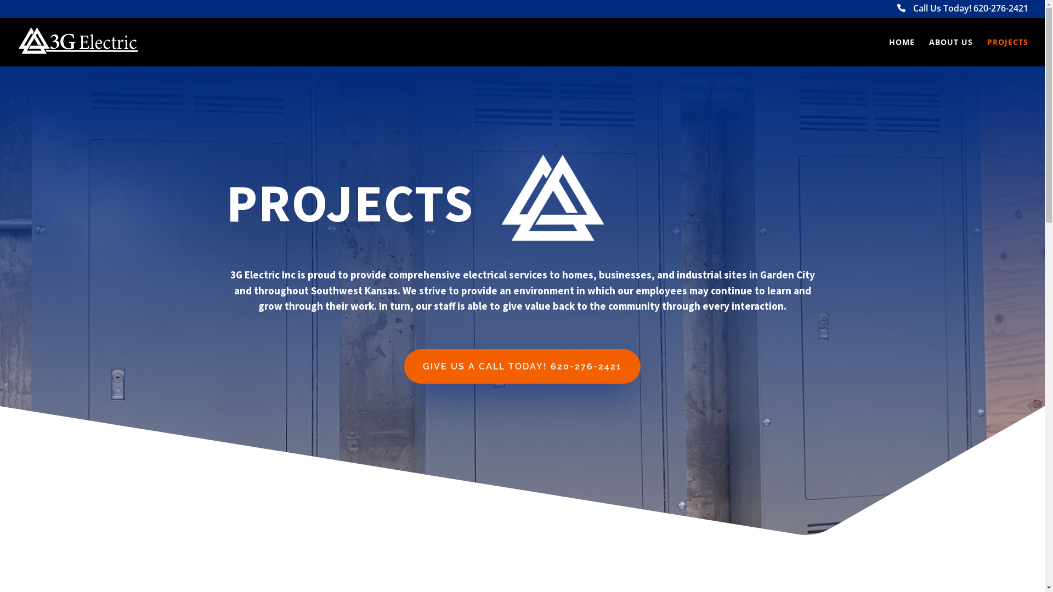 The height and width of the screenshot is (592, 1053). What do you see at coordinates (1007, 52) in the screenshot?
I see `'PROJECTS'` at bounding box center [1007, 52].